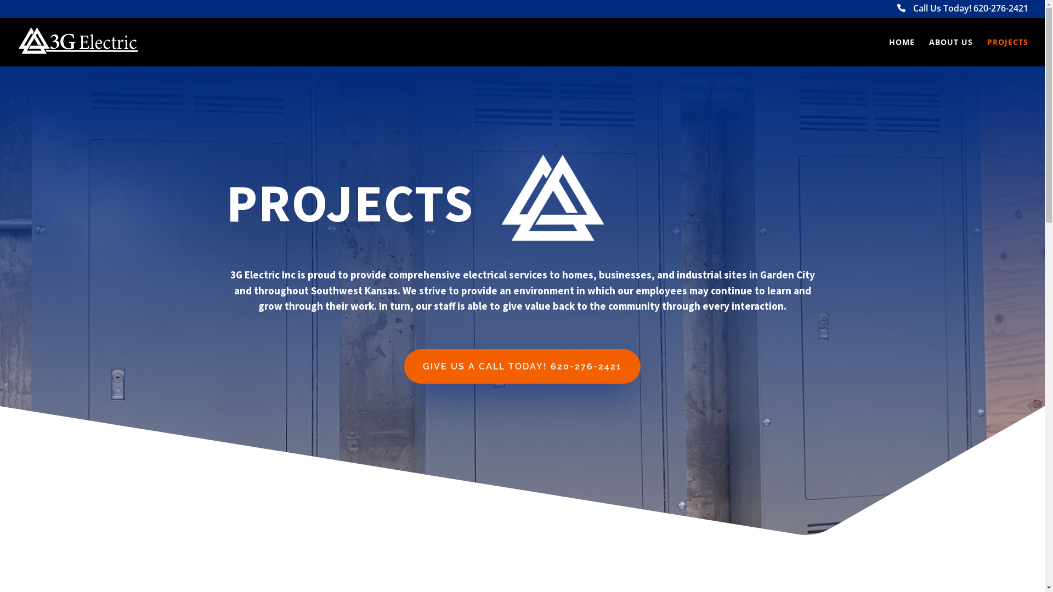 The height and width of the screenshot is (592, 1053). What do you see at coordinates (1007, 52) in the screenshot?
I see `'PROJECTS'` at bounding box center [1007, 52].